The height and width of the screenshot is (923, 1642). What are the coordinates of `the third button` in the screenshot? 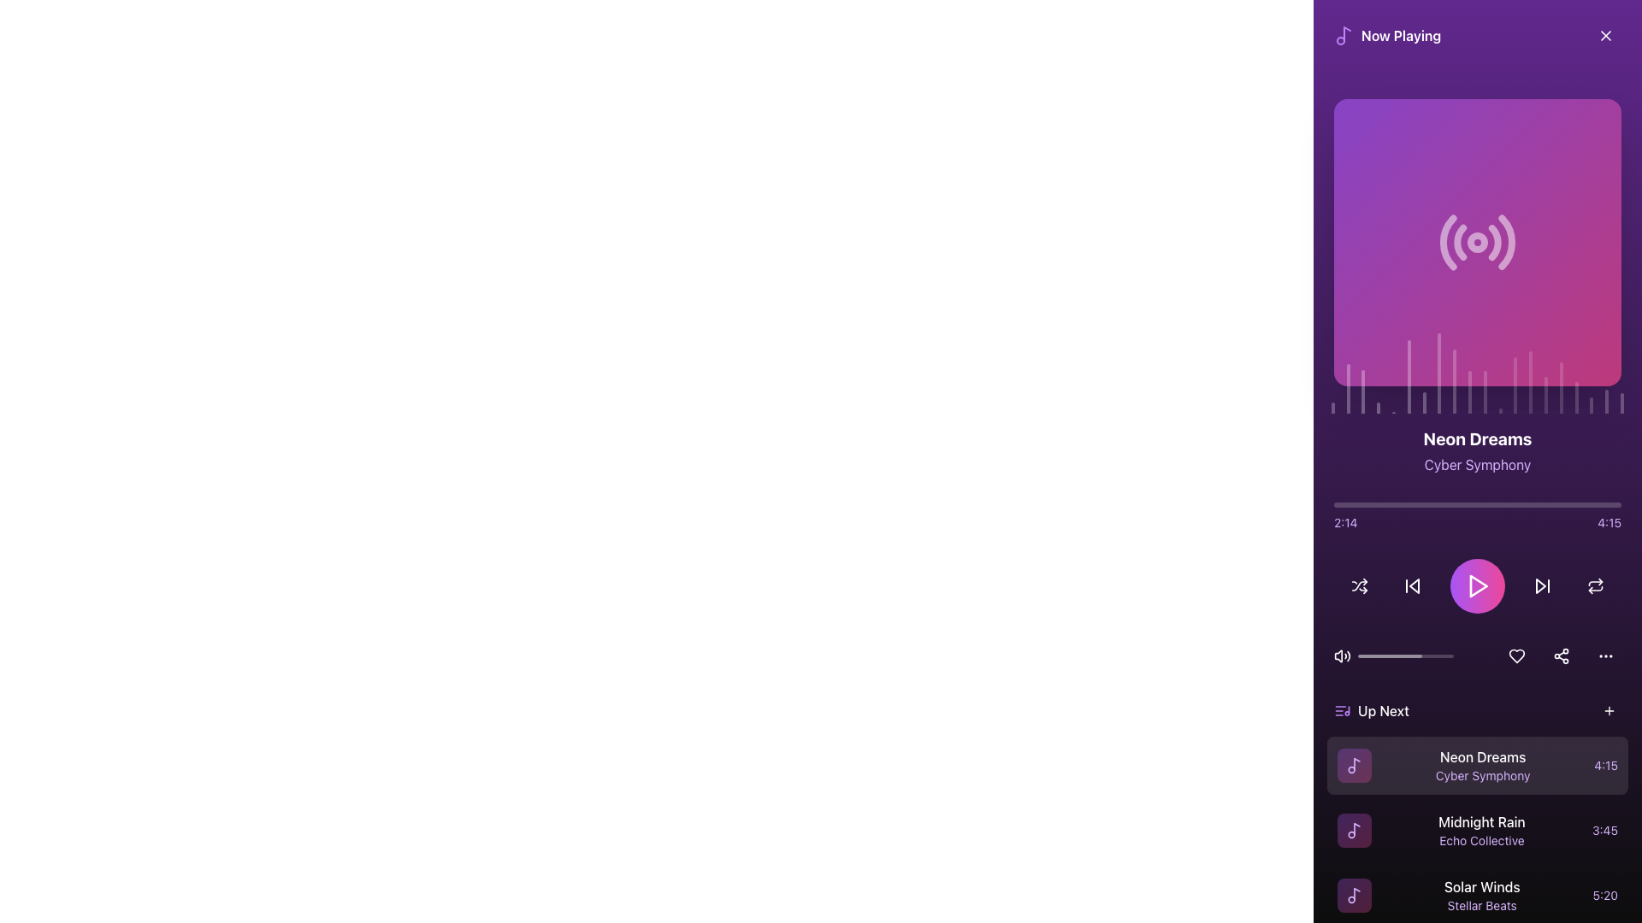 It's located at (1604, 655).